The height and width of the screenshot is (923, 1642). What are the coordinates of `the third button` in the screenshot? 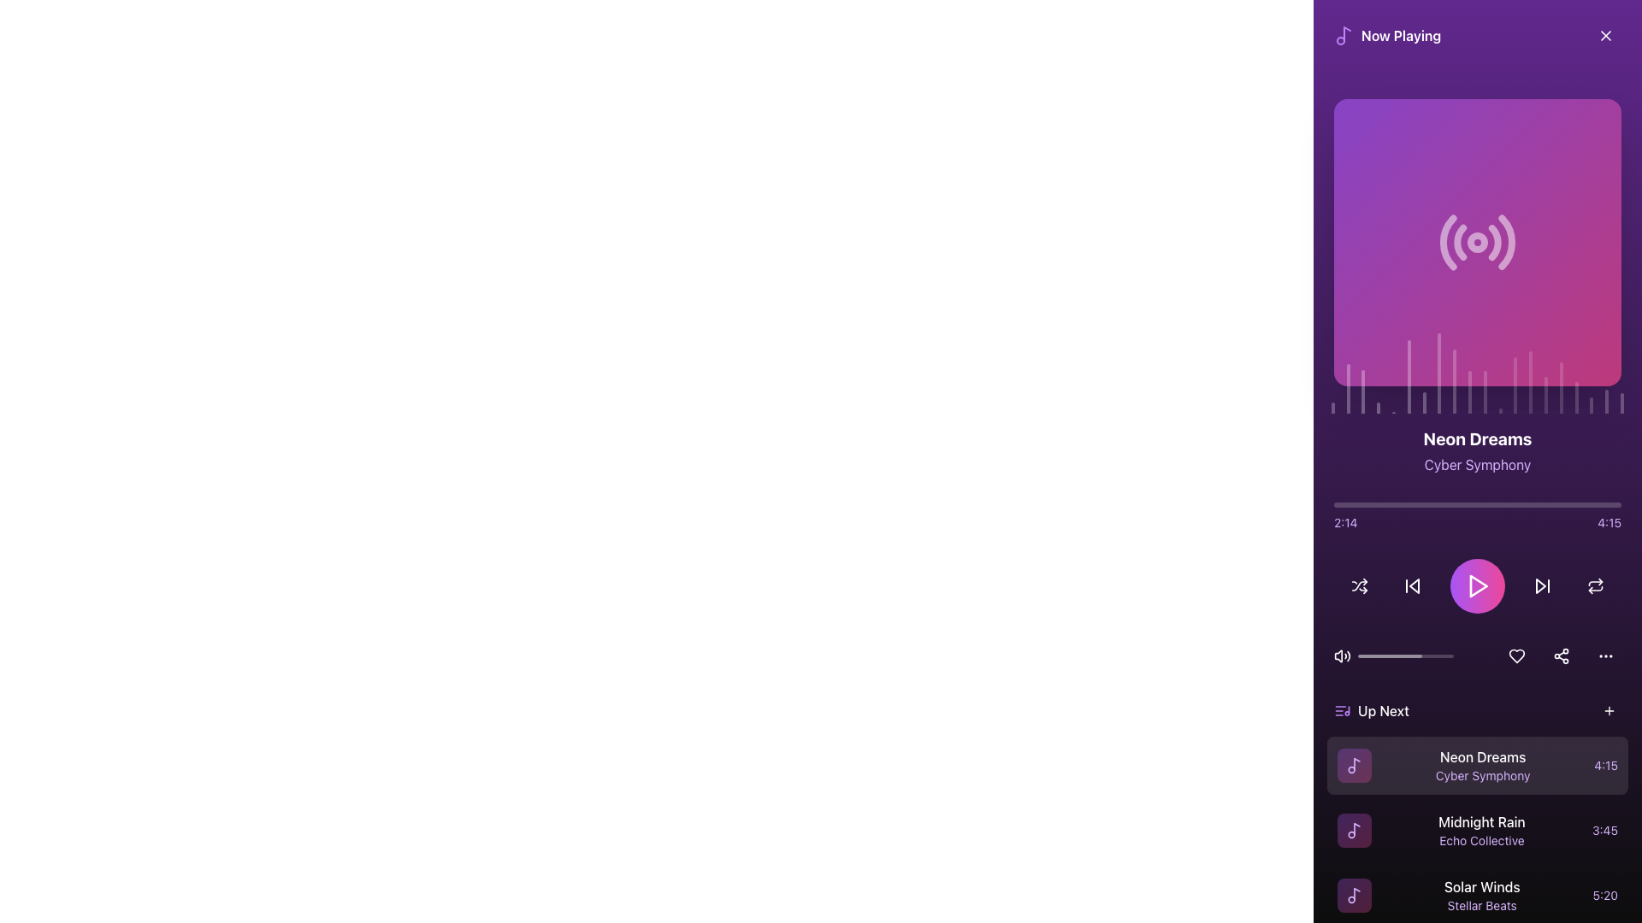 It's located at (1604, 655).